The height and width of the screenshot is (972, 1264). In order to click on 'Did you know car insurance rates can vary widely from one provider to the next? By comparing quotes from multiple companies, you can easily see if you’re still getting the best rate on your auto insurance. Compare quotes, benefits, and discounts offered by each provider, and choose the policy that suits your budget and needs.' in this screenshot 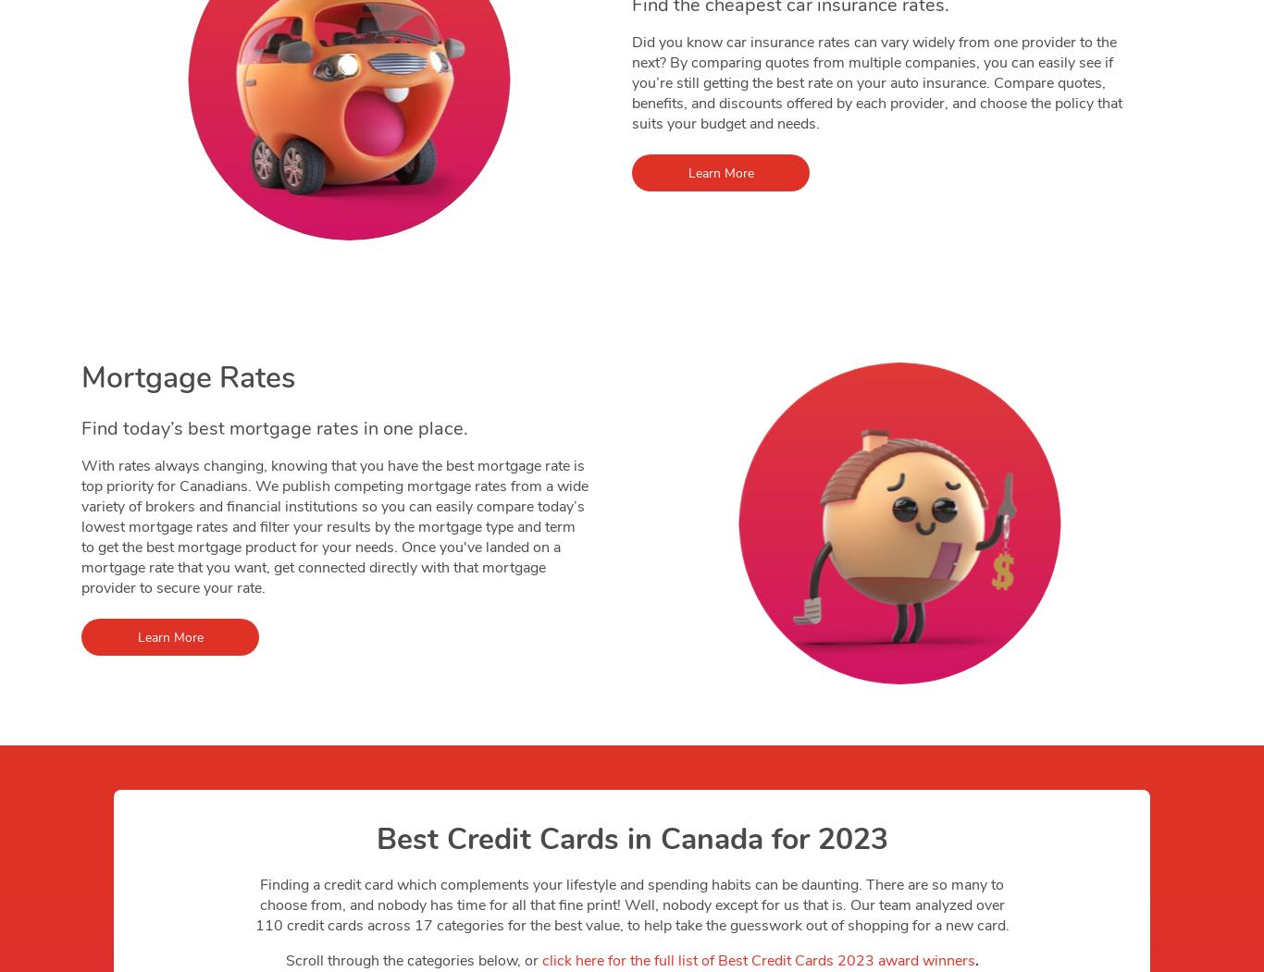, I will do `click(877, 82)`.